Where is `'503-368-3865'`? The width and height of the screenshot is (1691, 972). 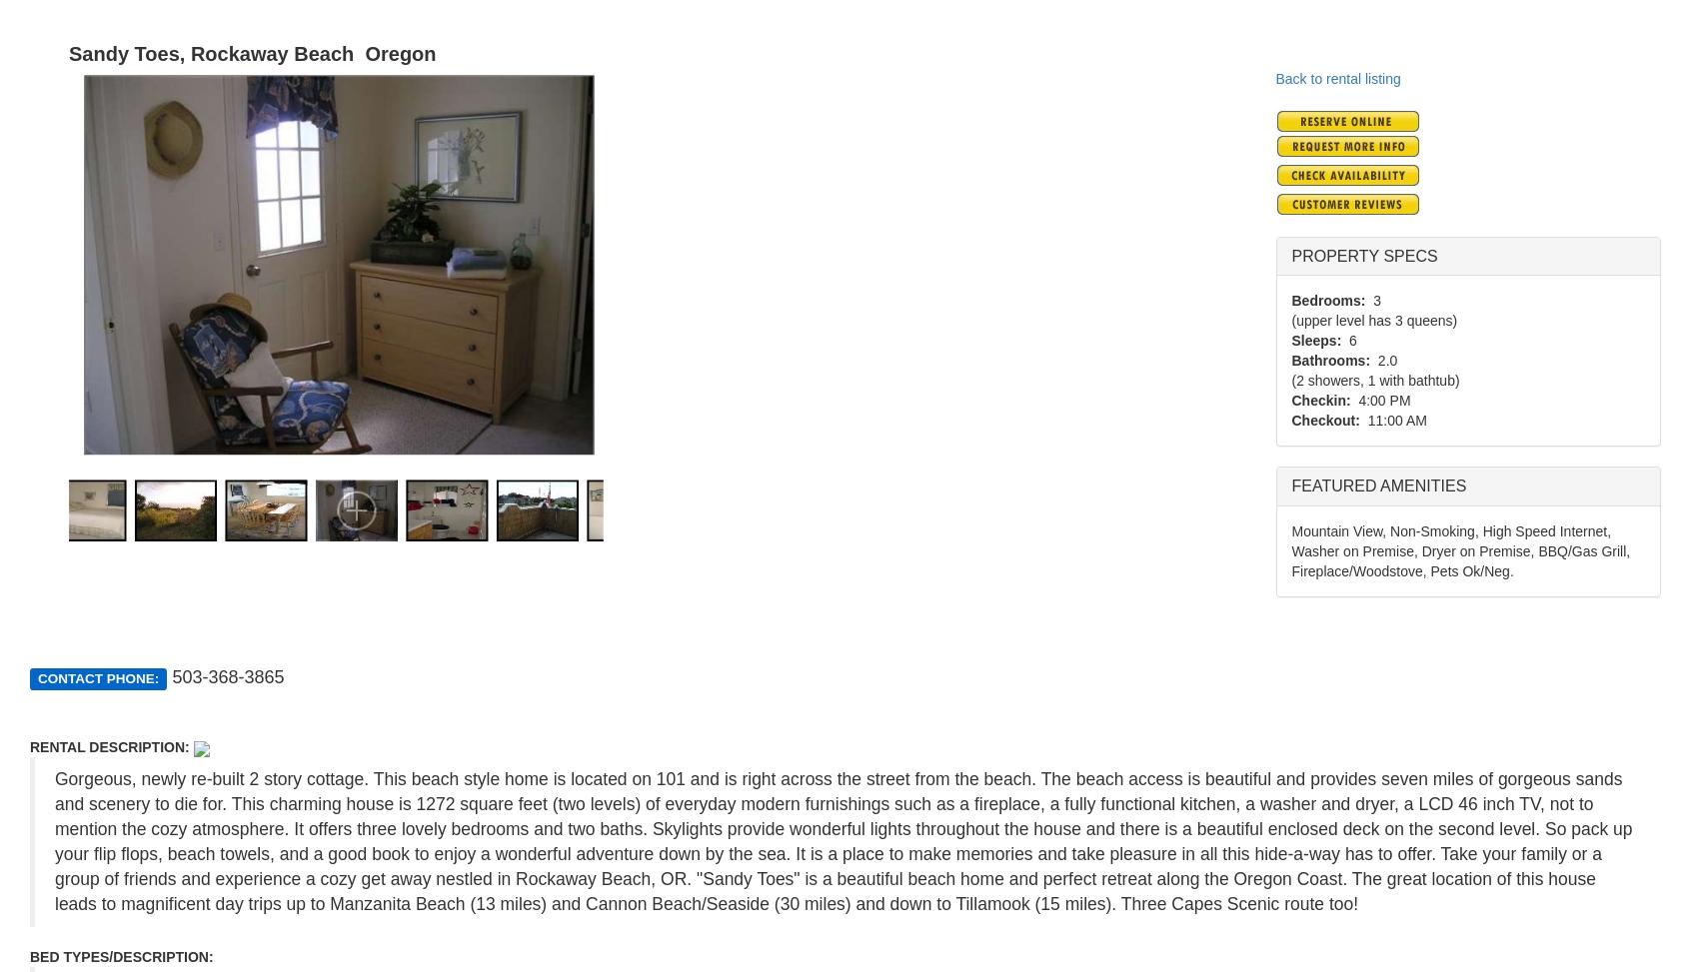 '503-368-3865' is located at coordinates (166, 675).